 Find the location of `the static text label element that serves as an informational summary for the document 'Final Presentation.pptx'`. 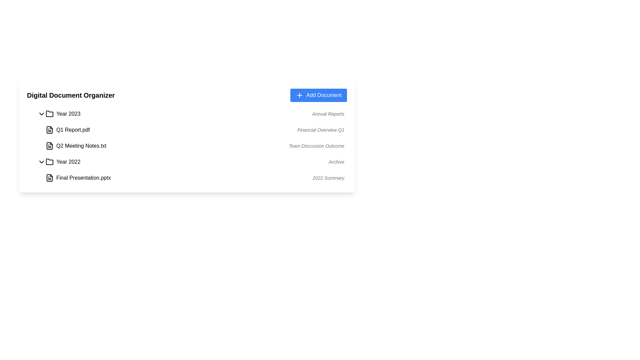

the static text label element that serves as an informational summary for the document 'Final Presentation.pptx' is located at coordinates (328, 177).